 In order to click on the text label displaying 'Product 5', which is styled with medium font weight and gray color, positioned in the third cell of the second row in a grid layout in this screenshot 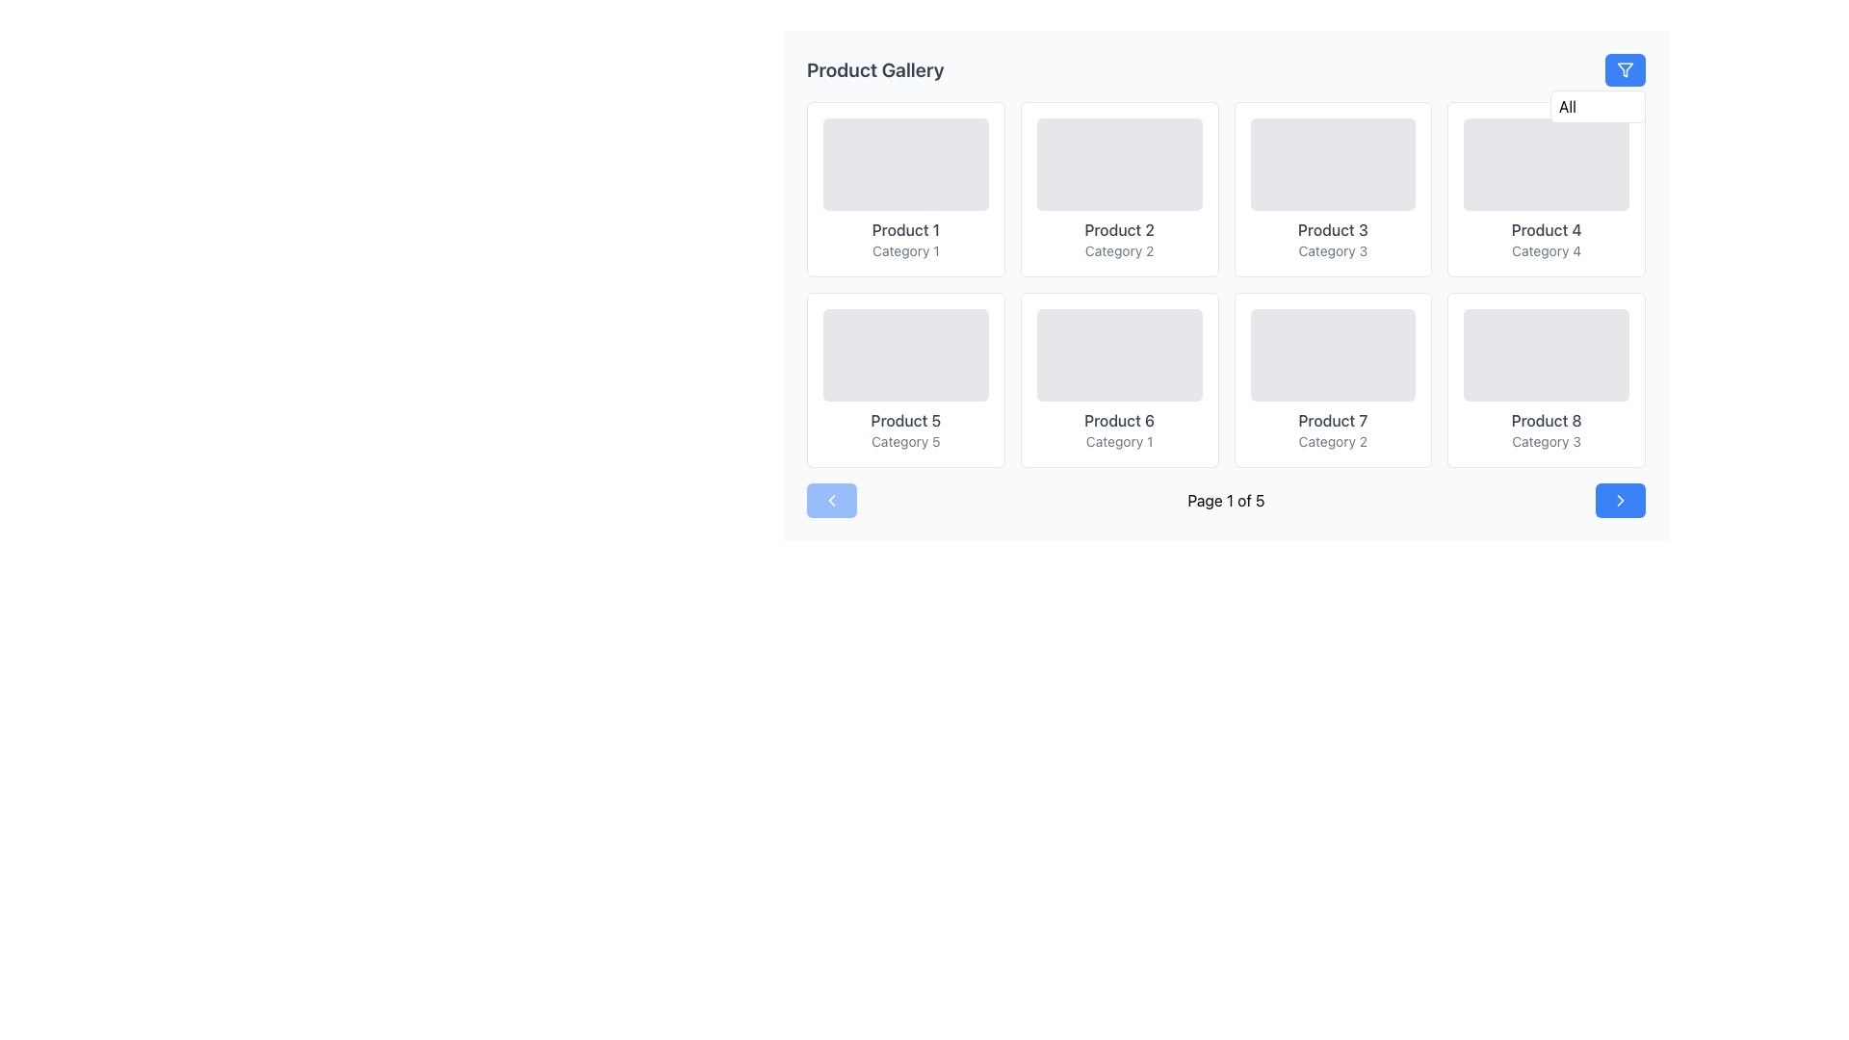, I will do `click(904, 419)`.